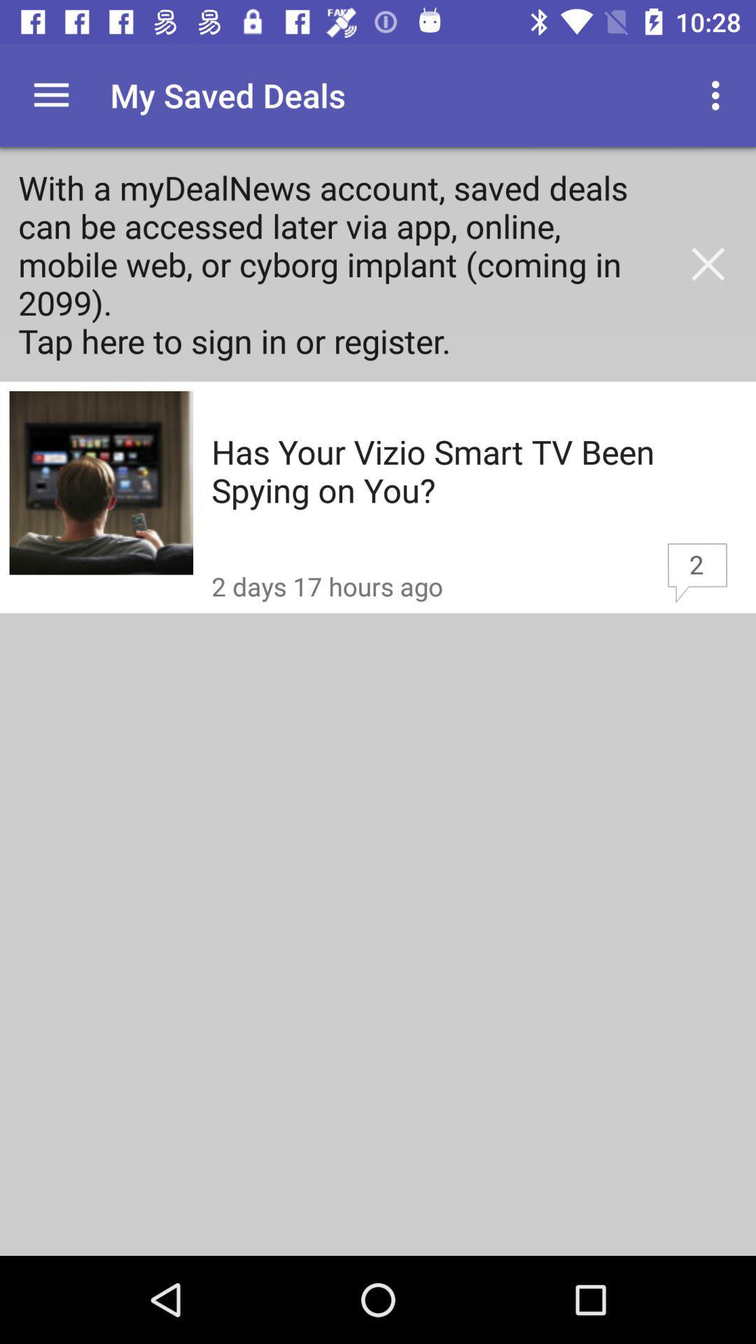  Describe the element at coordinates (50, 94) in the screenshot. I see `the menu` at that location.